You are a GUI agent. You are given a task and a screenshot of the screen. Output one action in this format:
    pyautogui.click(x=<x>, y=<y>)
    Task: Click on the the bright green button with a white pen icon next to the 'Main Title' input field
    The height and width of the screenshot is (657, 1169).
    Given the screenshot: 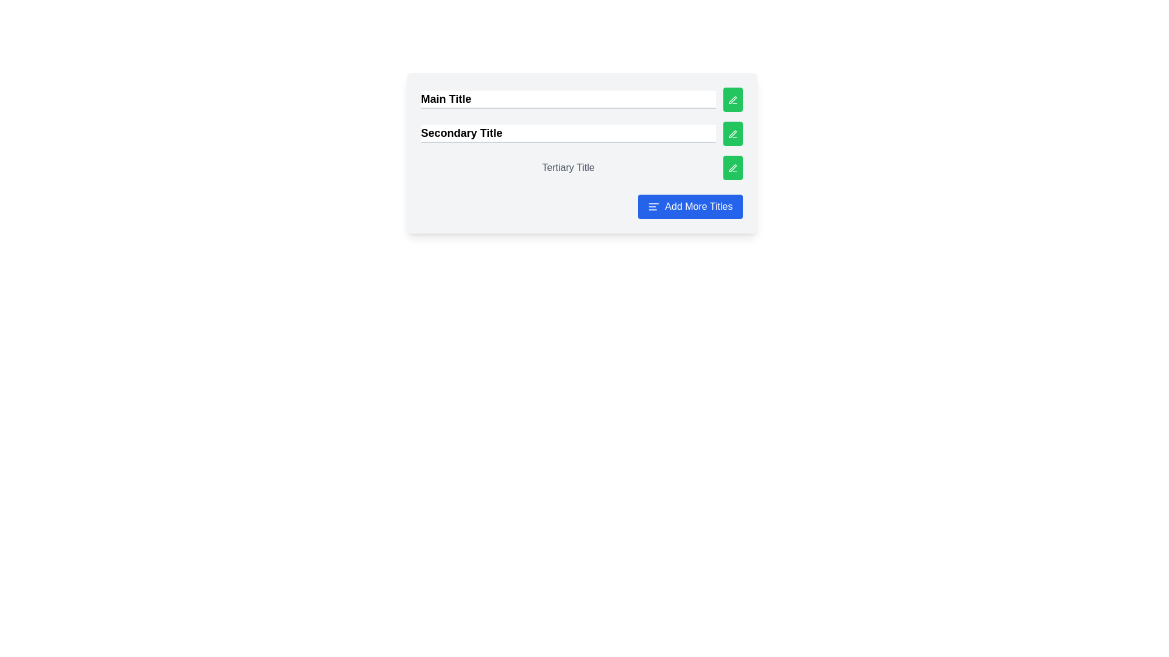 What is the action you would take?
    pyautogui.click(x=732, y=99)
    